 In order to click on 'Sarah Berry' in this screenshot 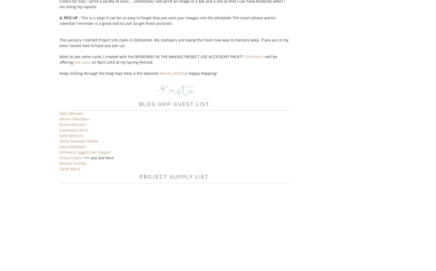, I will do `click(70, 169)`.